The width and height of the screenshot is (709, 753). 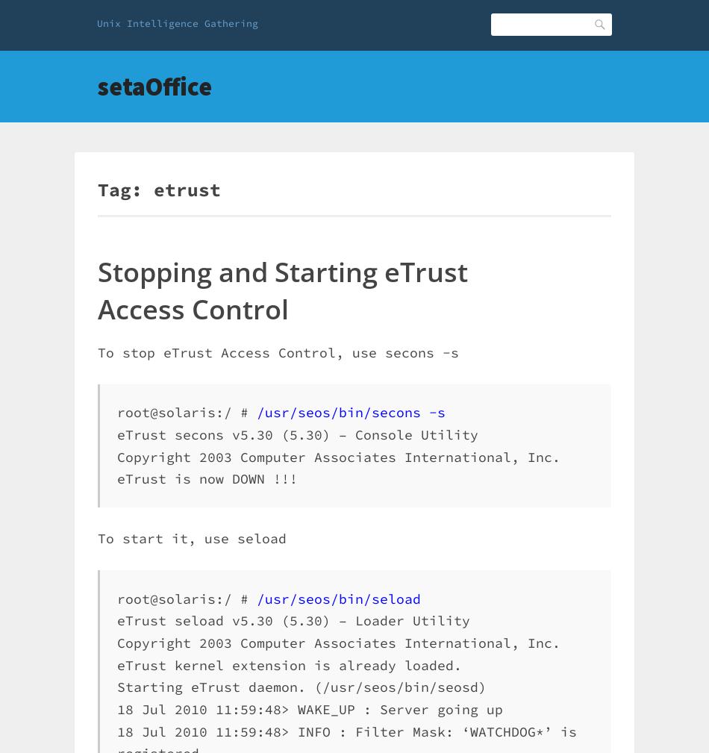 I want to click on '/usr/seos/bin/secons -s', so click(x=350, y=412).